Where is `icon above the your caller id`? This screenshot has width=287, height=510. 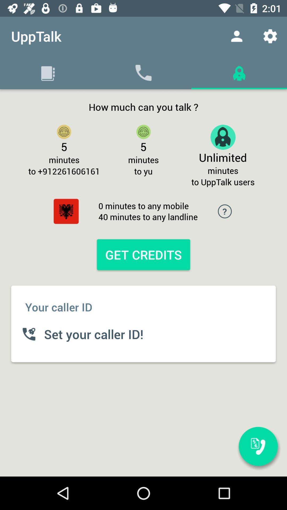
icon above the your caller id is located at coordinates (66, 211).